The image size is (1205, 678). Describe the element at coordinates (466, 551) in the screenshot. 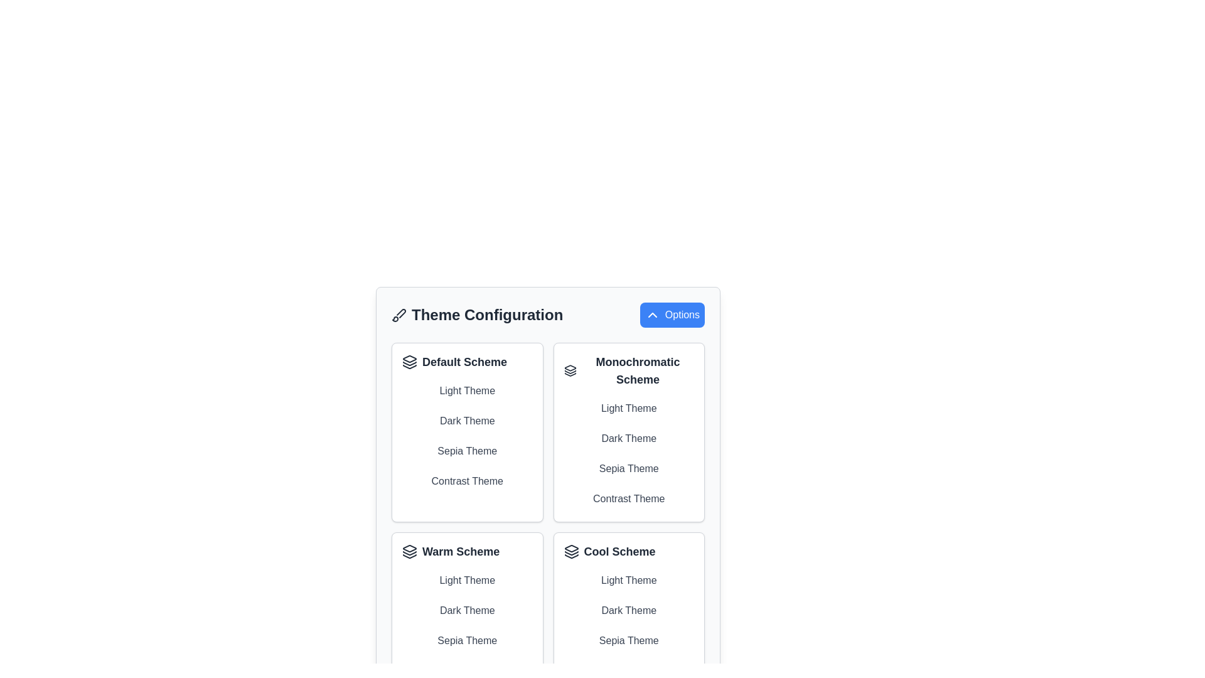

I see `text of the heading element that identifies the 'Warm Scheme' theme configuration, located in the second card on the lower-left side of a grid layout` at that location.